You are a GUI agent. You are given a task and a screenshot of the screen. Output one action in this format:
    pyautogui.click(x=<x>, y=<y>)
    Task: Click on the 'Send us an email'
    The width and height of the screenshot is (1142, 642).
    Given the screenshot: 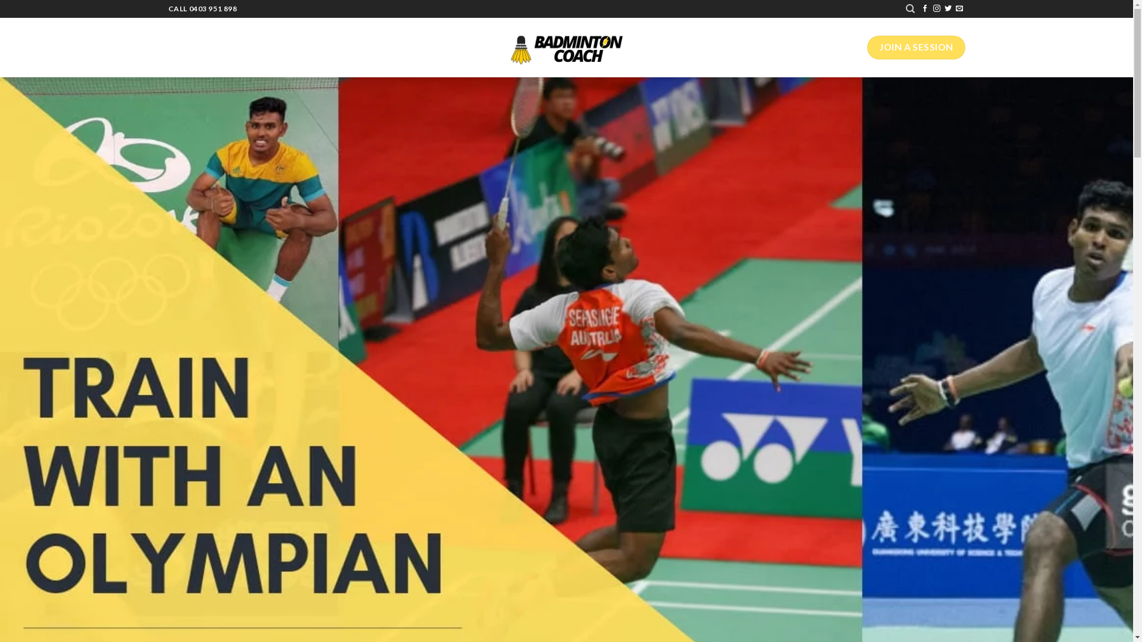 What is the action you would take?
    pyautogui.click(x=959, y=9)
    